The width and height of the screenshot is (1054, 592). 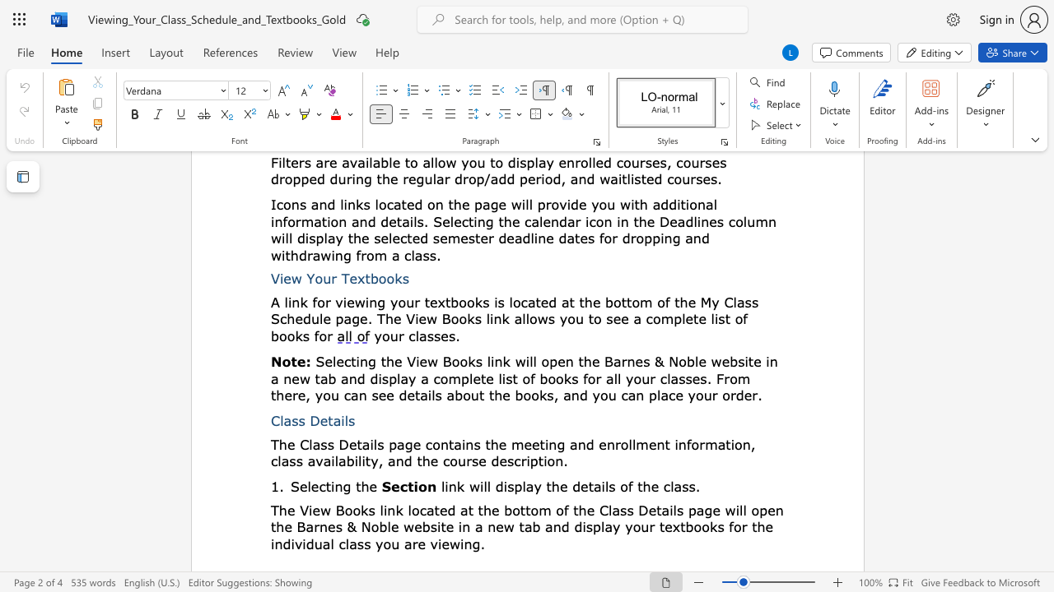 I want to click on the 1th character "l" in the text, so click(x=309, y=485).